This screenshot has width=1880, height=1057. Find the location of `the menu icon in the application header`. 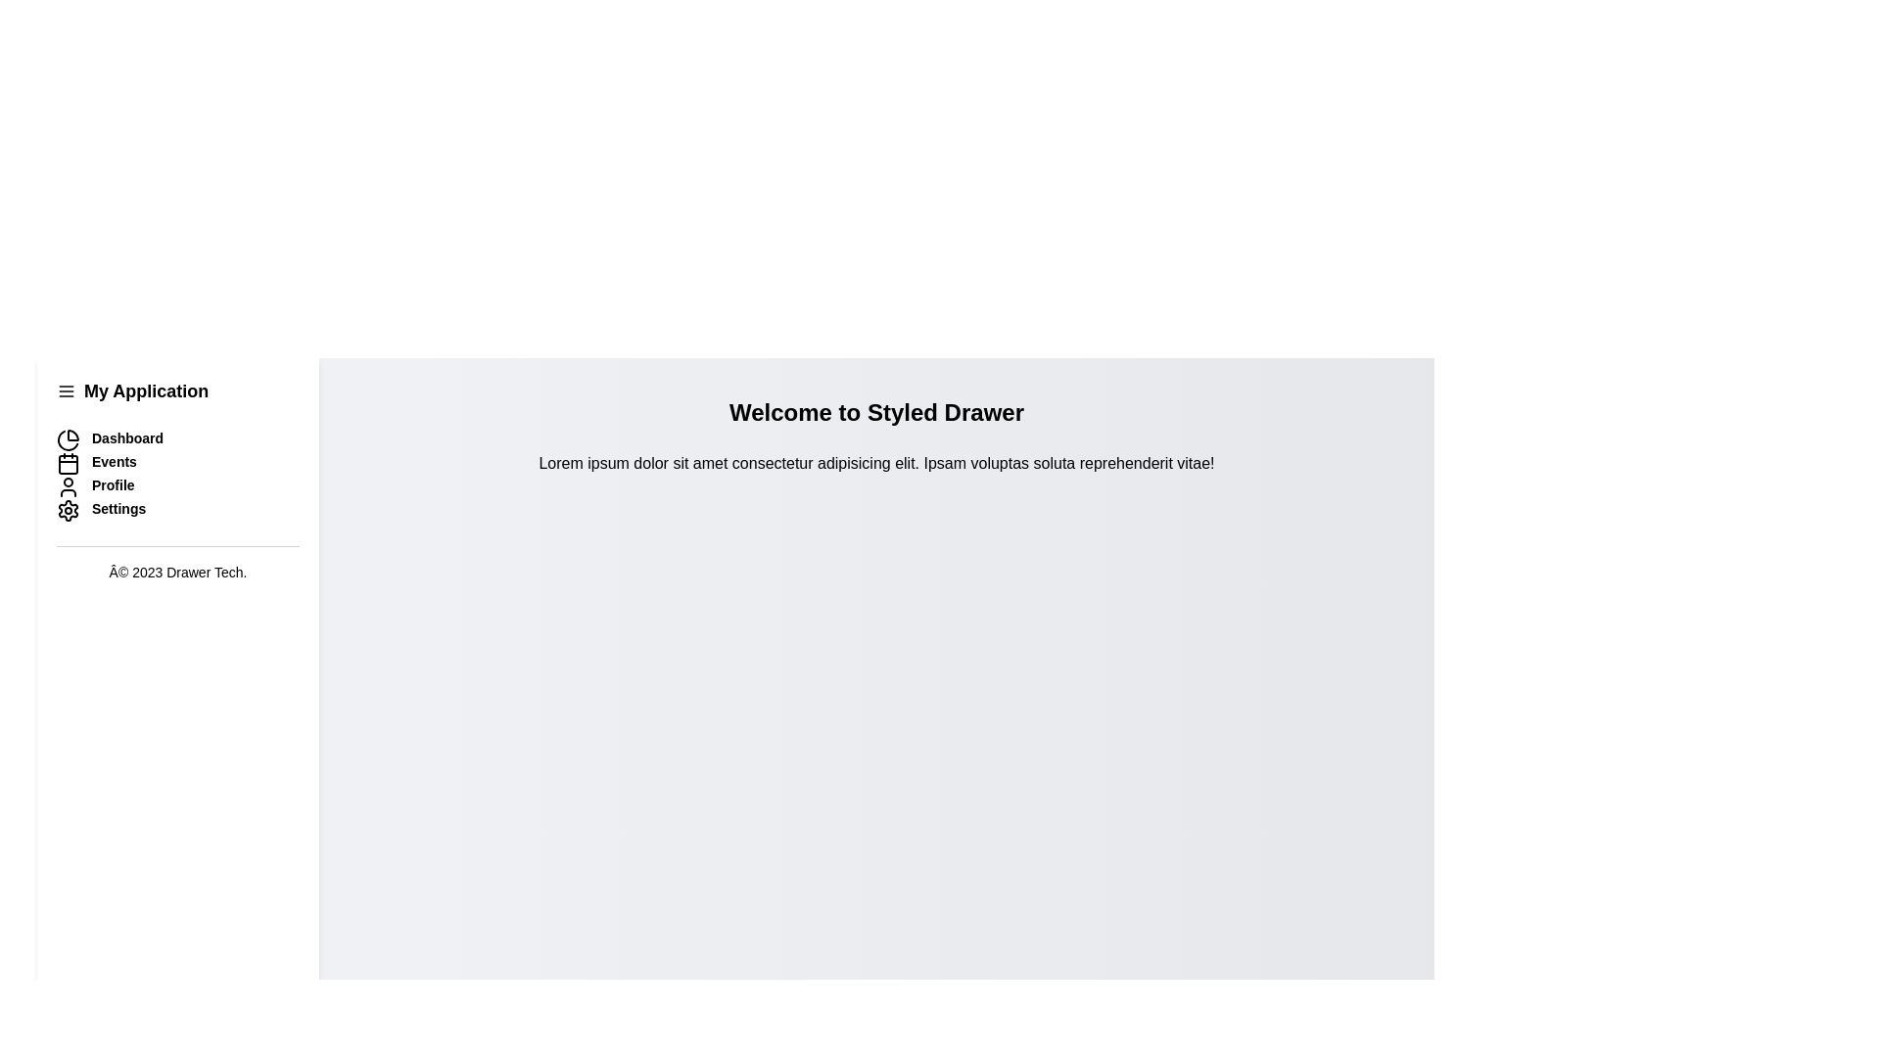

the menu icon in the application header is located at coordinates (66, 391).